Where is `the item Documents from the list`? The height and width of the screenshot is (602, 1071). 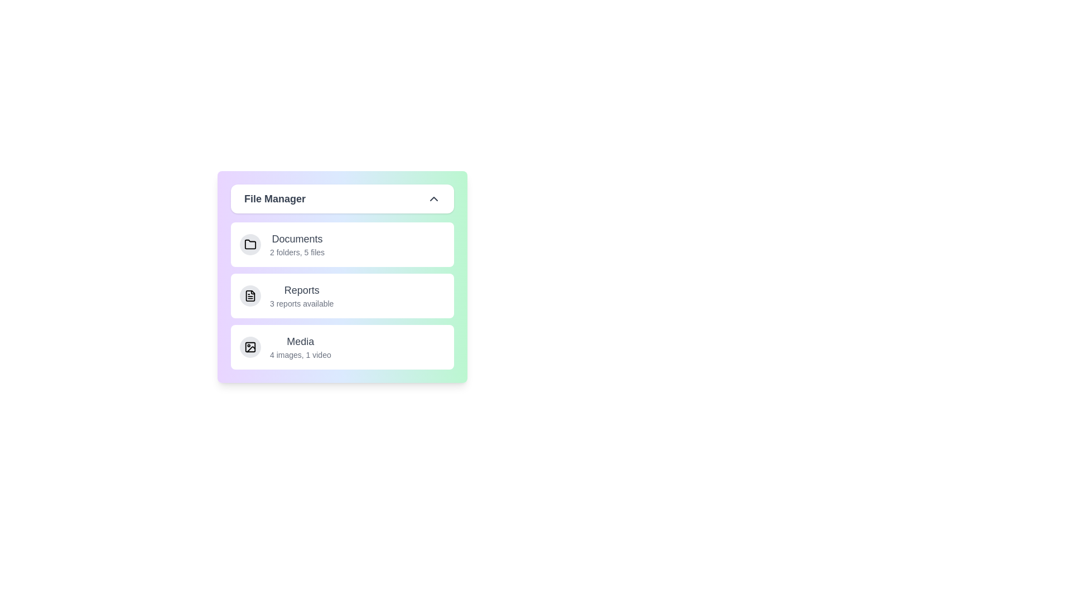
the item Documents from the list is located at coordinates (342, 244).